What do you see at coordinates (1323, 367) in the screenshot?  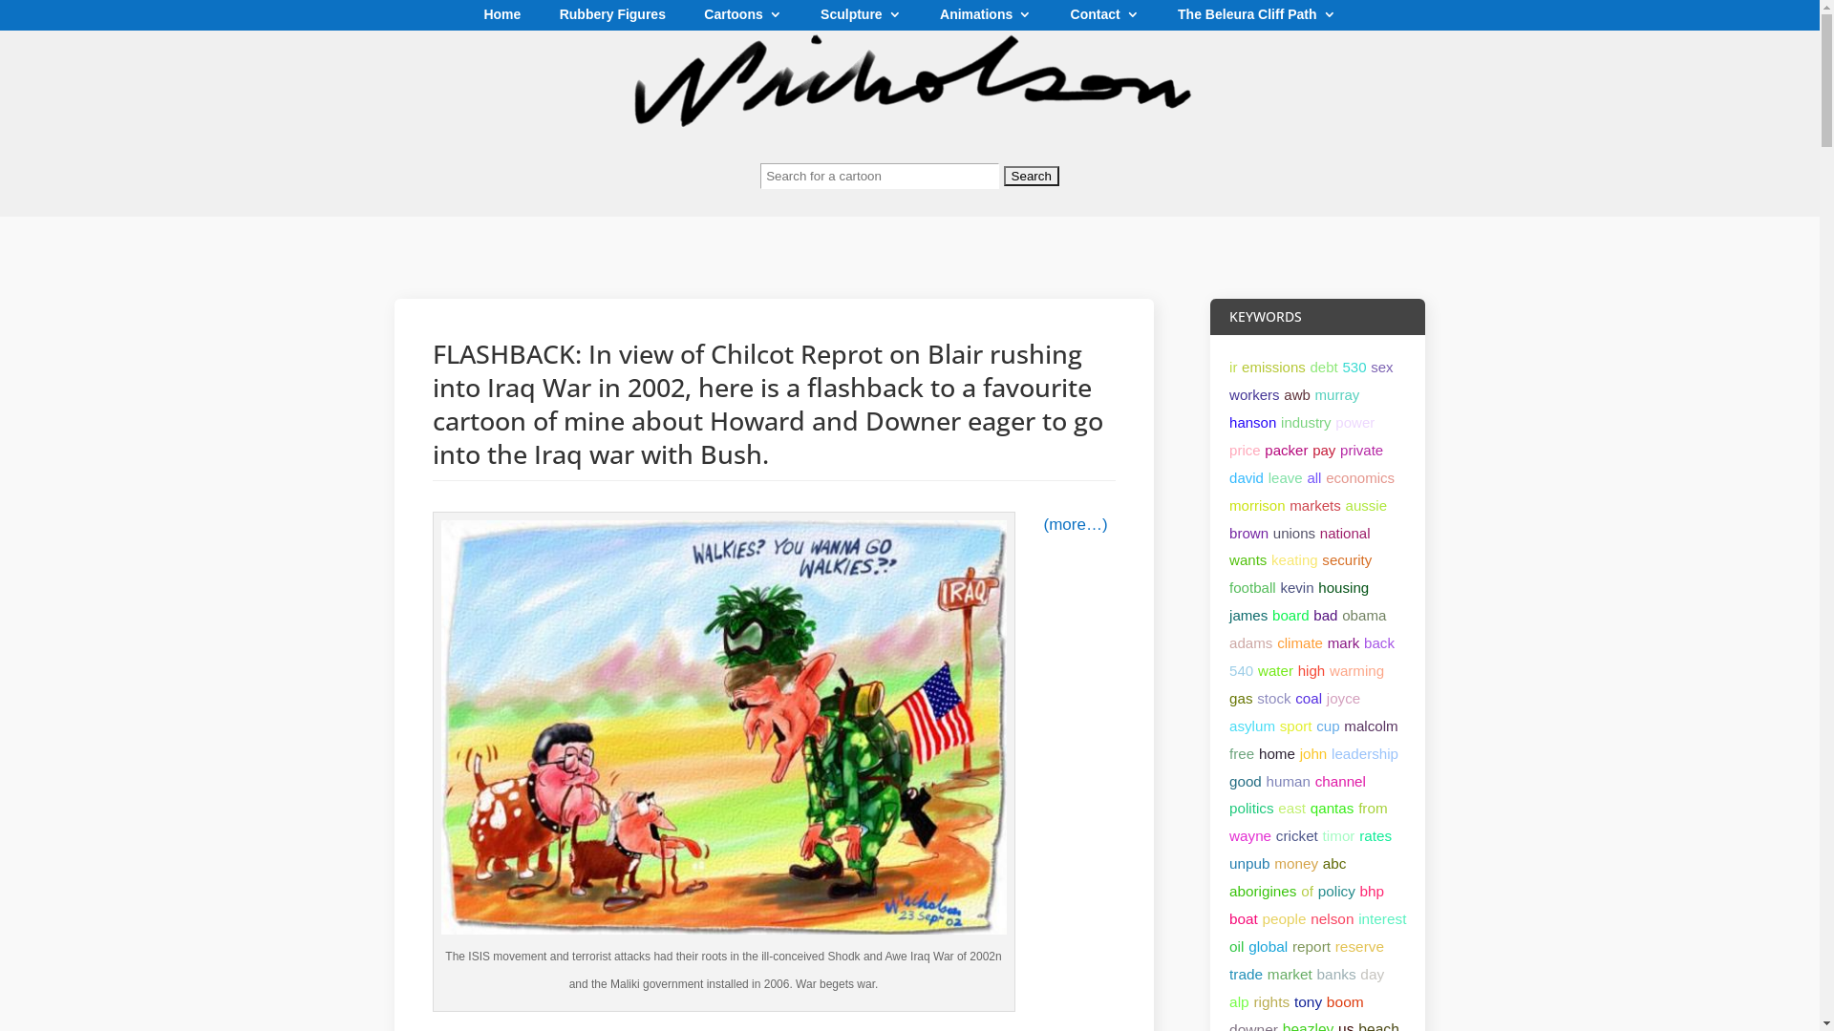 I see `'debt'` at bounding box center [1323, 367].